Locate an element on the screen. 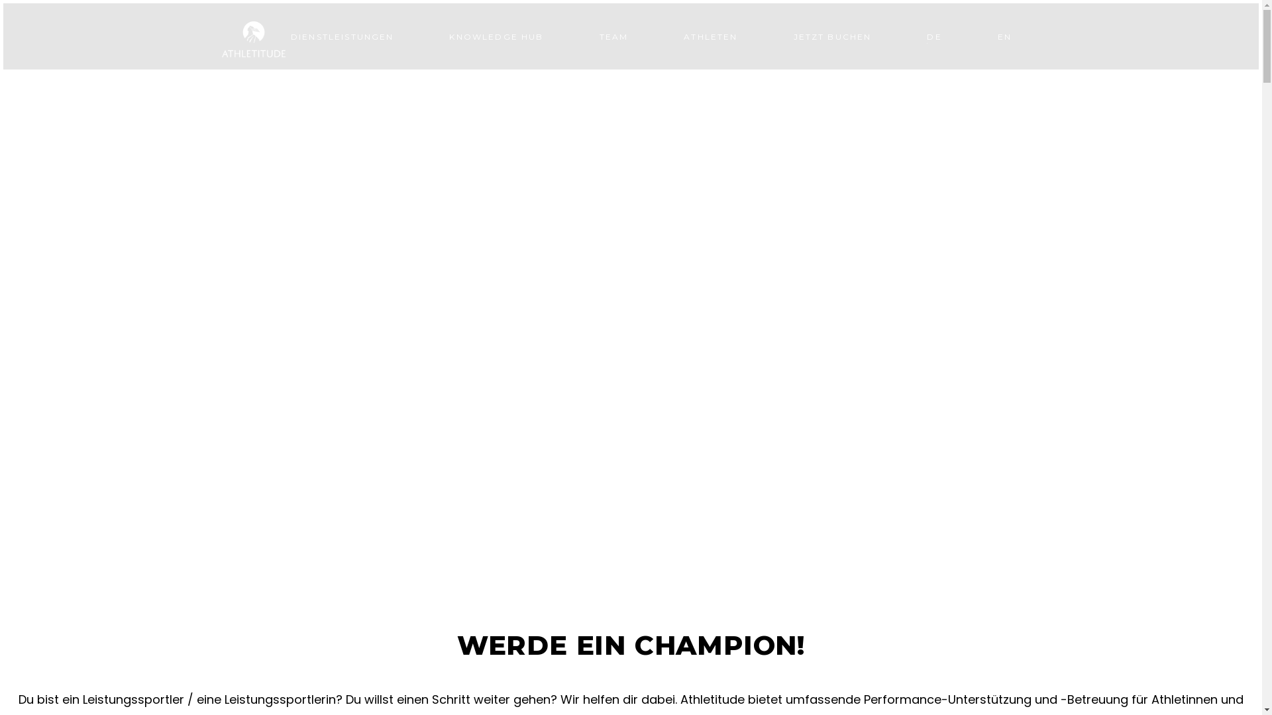 Image resolution: width=1272 pixels, height=715 pixels. 'EN' is located at coordinates (1004, 36).